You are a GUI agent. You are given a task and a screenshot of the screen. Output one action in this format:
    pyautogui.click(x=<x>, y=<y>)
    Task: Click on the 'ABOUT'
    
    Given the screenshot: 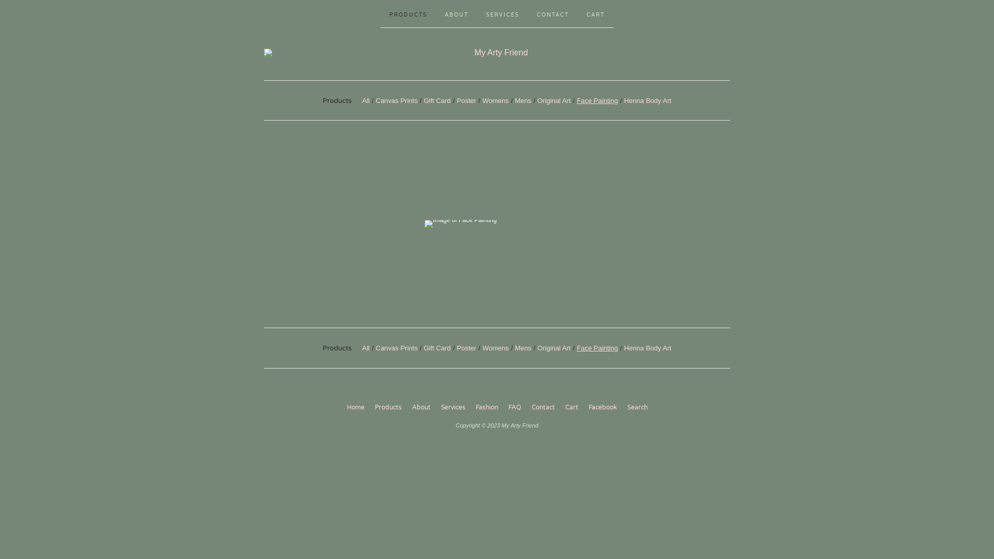 What is the action you would take?
    pyautogui.click(x=456, y=13)
    